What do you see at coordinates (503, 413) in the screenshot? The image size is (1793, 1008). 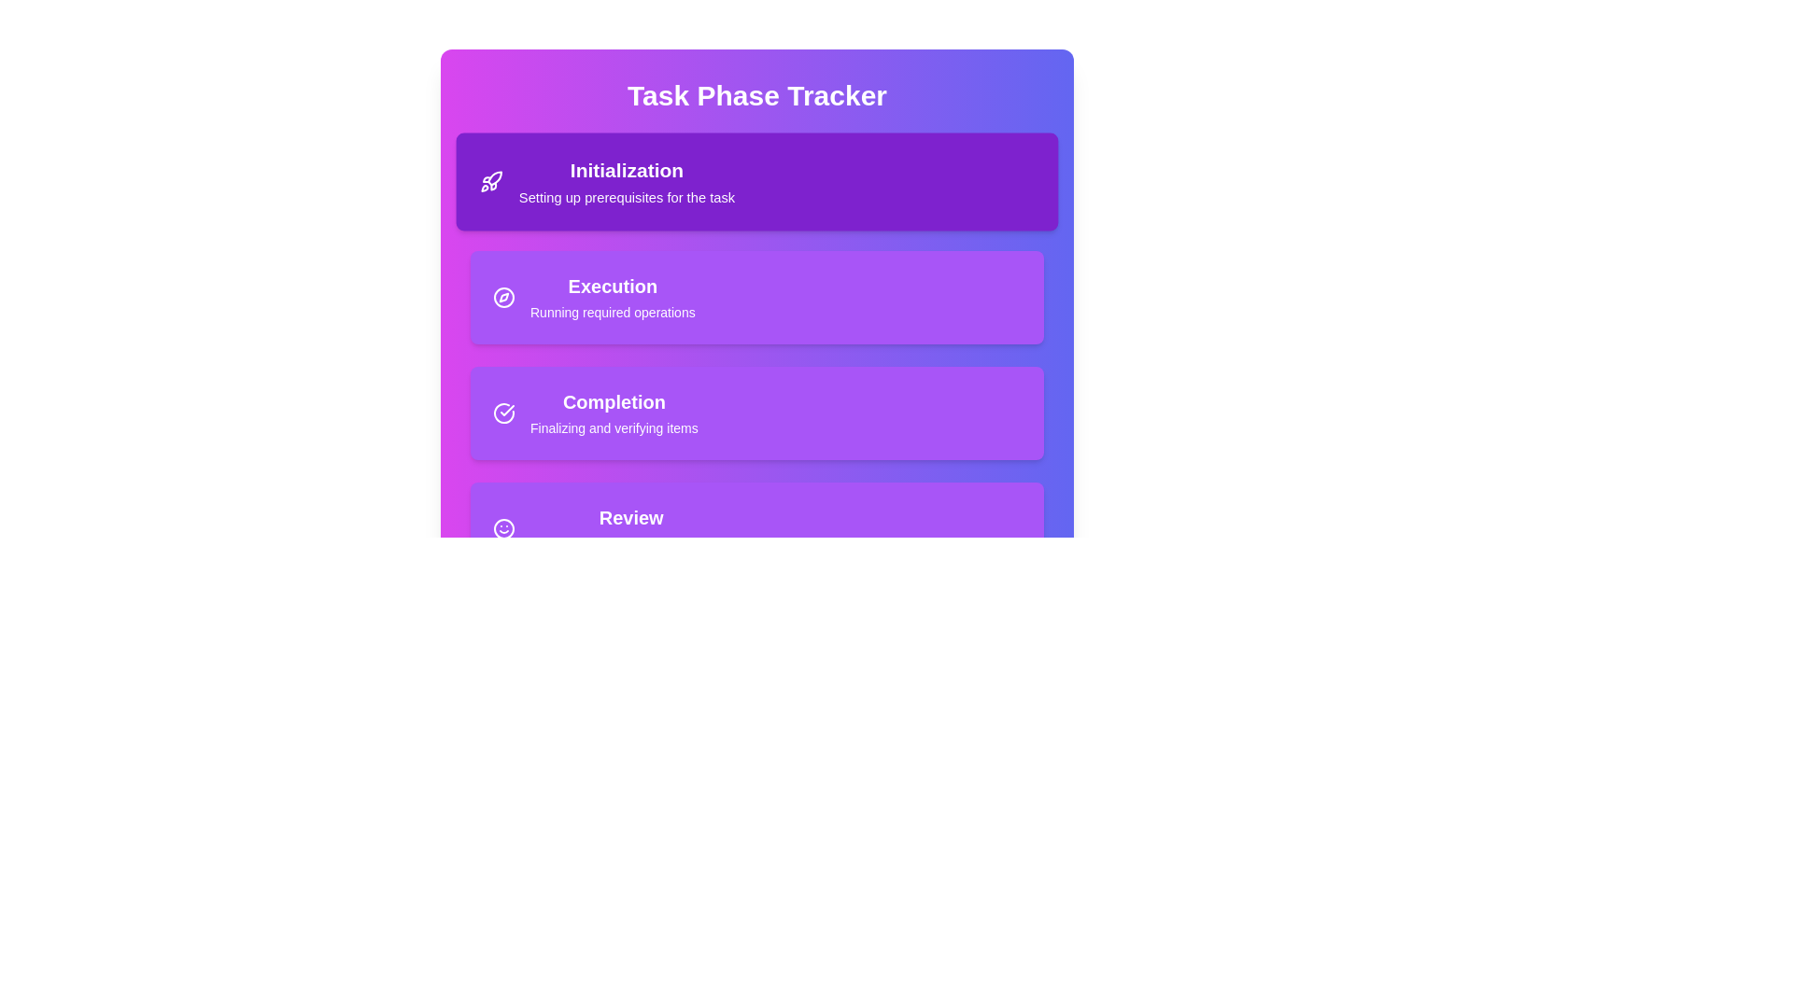 I see `the circular icon with a checkmark located to the left of the 'Completion' title within a purple box` at bounding box center [503, 413].